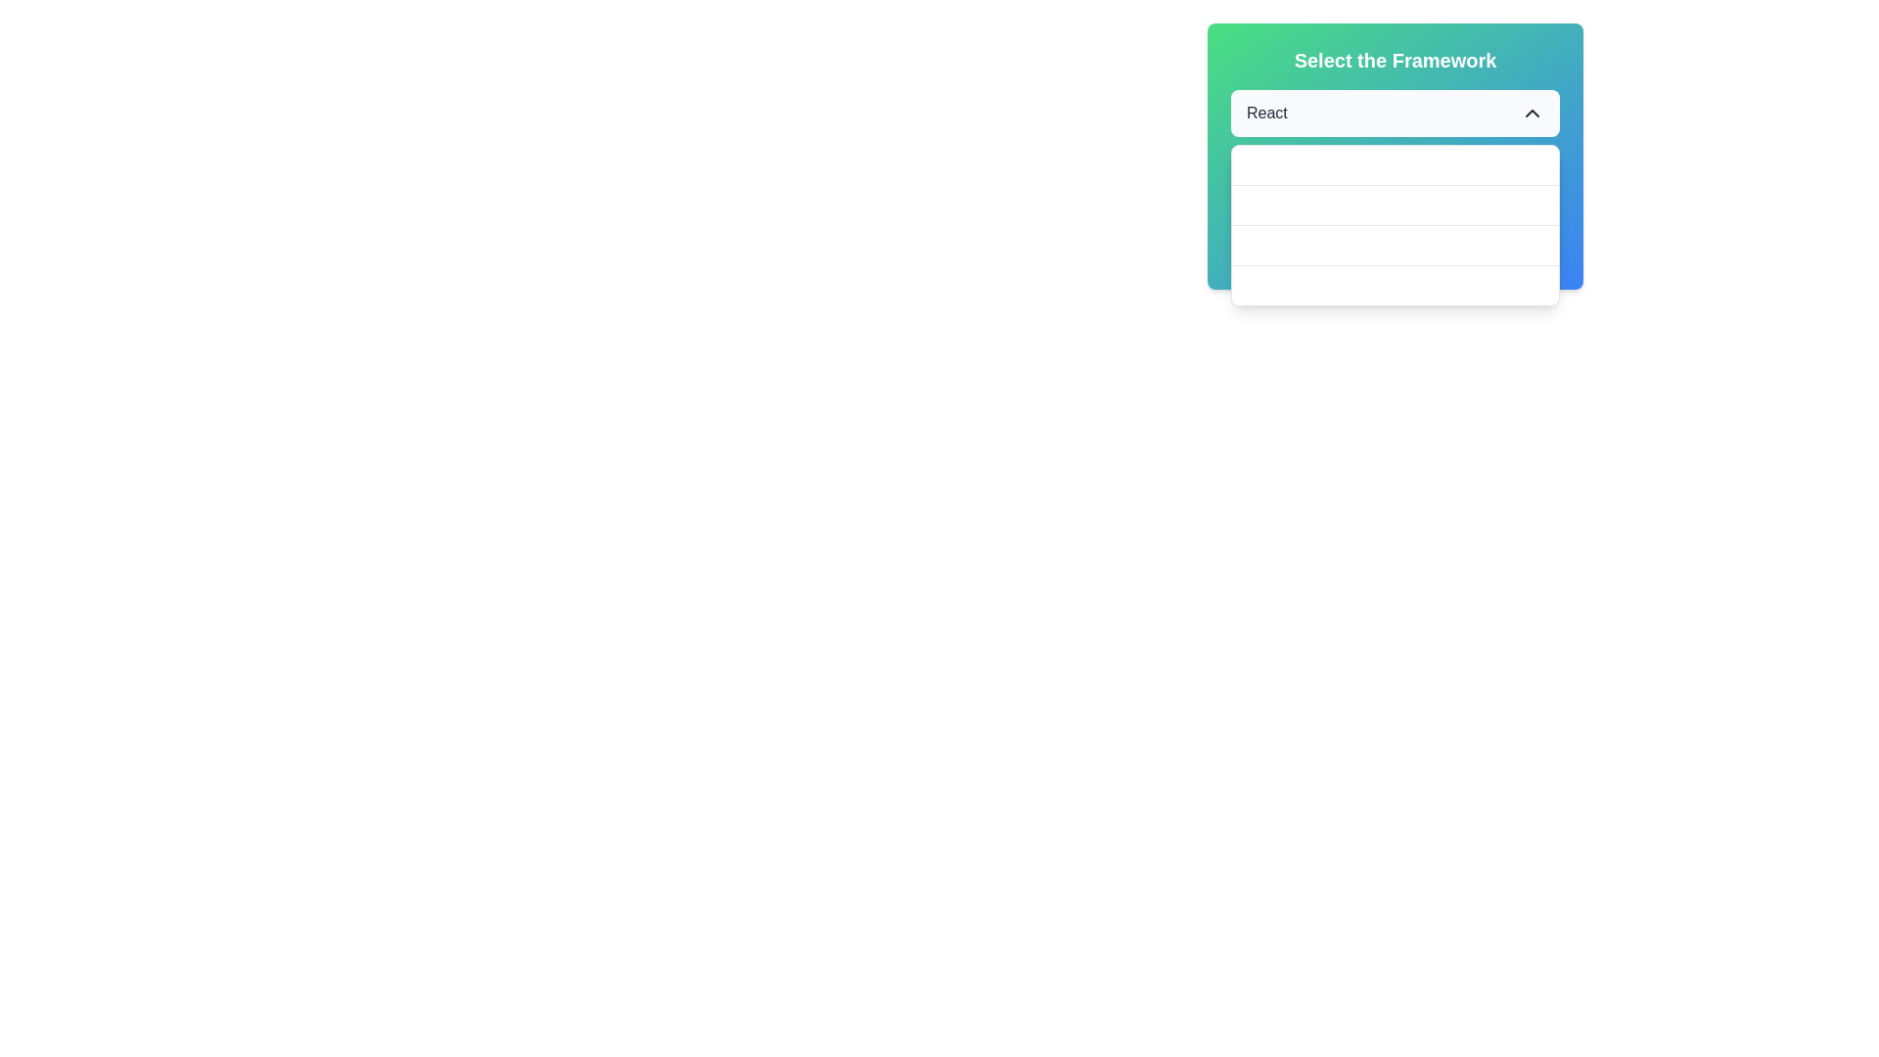  I want to click on the 'React' dropdown menu item, so click(1394, 164).